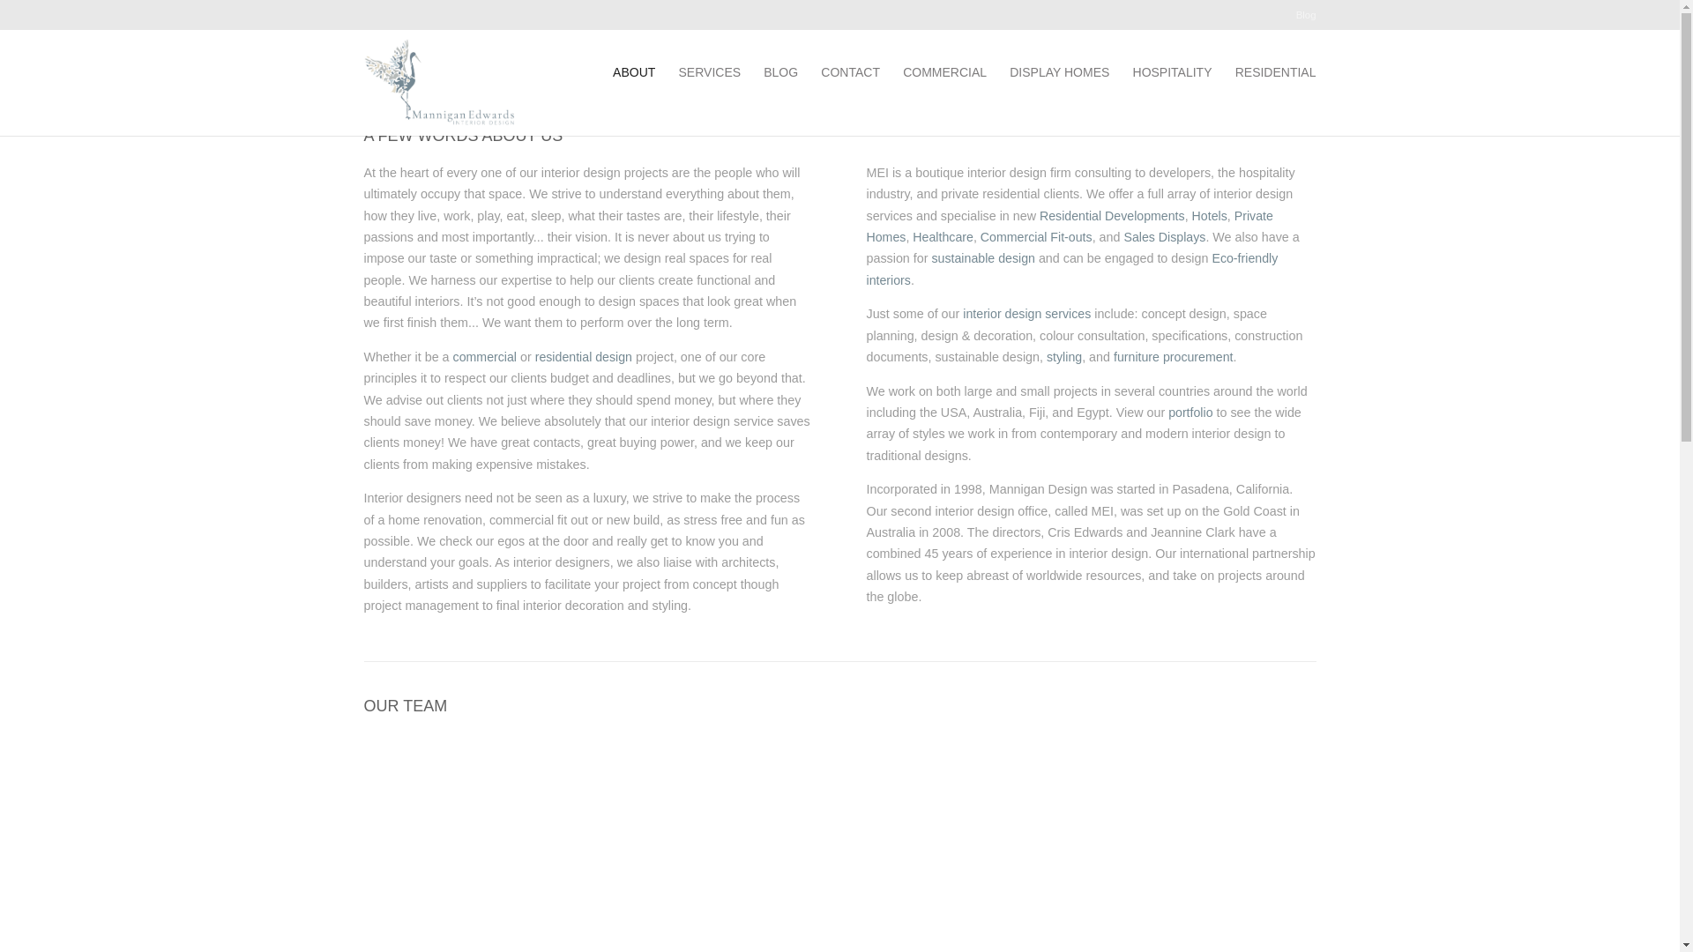 This screenshot has height=952, width=1693. What do you see at coordinates (1026, 312) in the screenshot?
I see `'interior design services'` at bounding box center [1026, 312].